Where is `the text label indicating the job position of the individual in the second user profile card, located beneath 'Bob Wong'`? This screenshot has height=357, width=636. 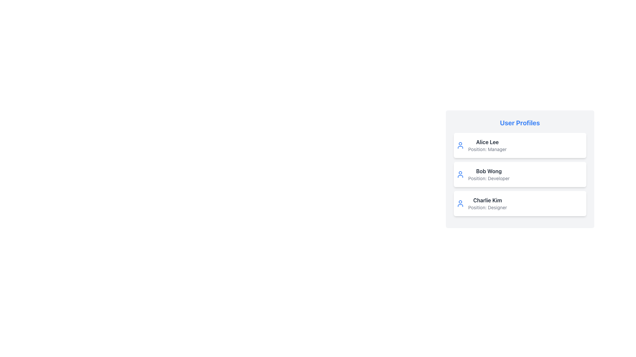 the text label indicating the job position of the individual in the second user profile card, located beneath 'Bob Wong' is located at coordinates (489, 178).